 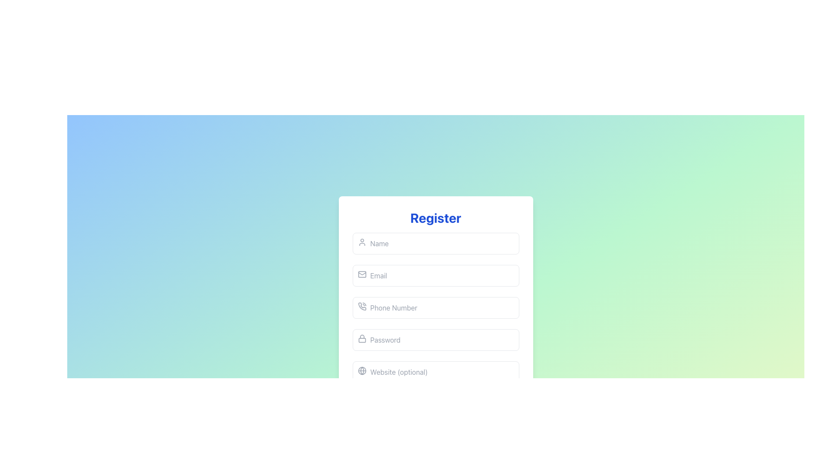 What do you see at coordinates (362, 306) in the screenshot?
I see `the phone number field icon, which is positioned to the left of the 'Phone Number' input field in the registration form` at bounding box center [362, 306].